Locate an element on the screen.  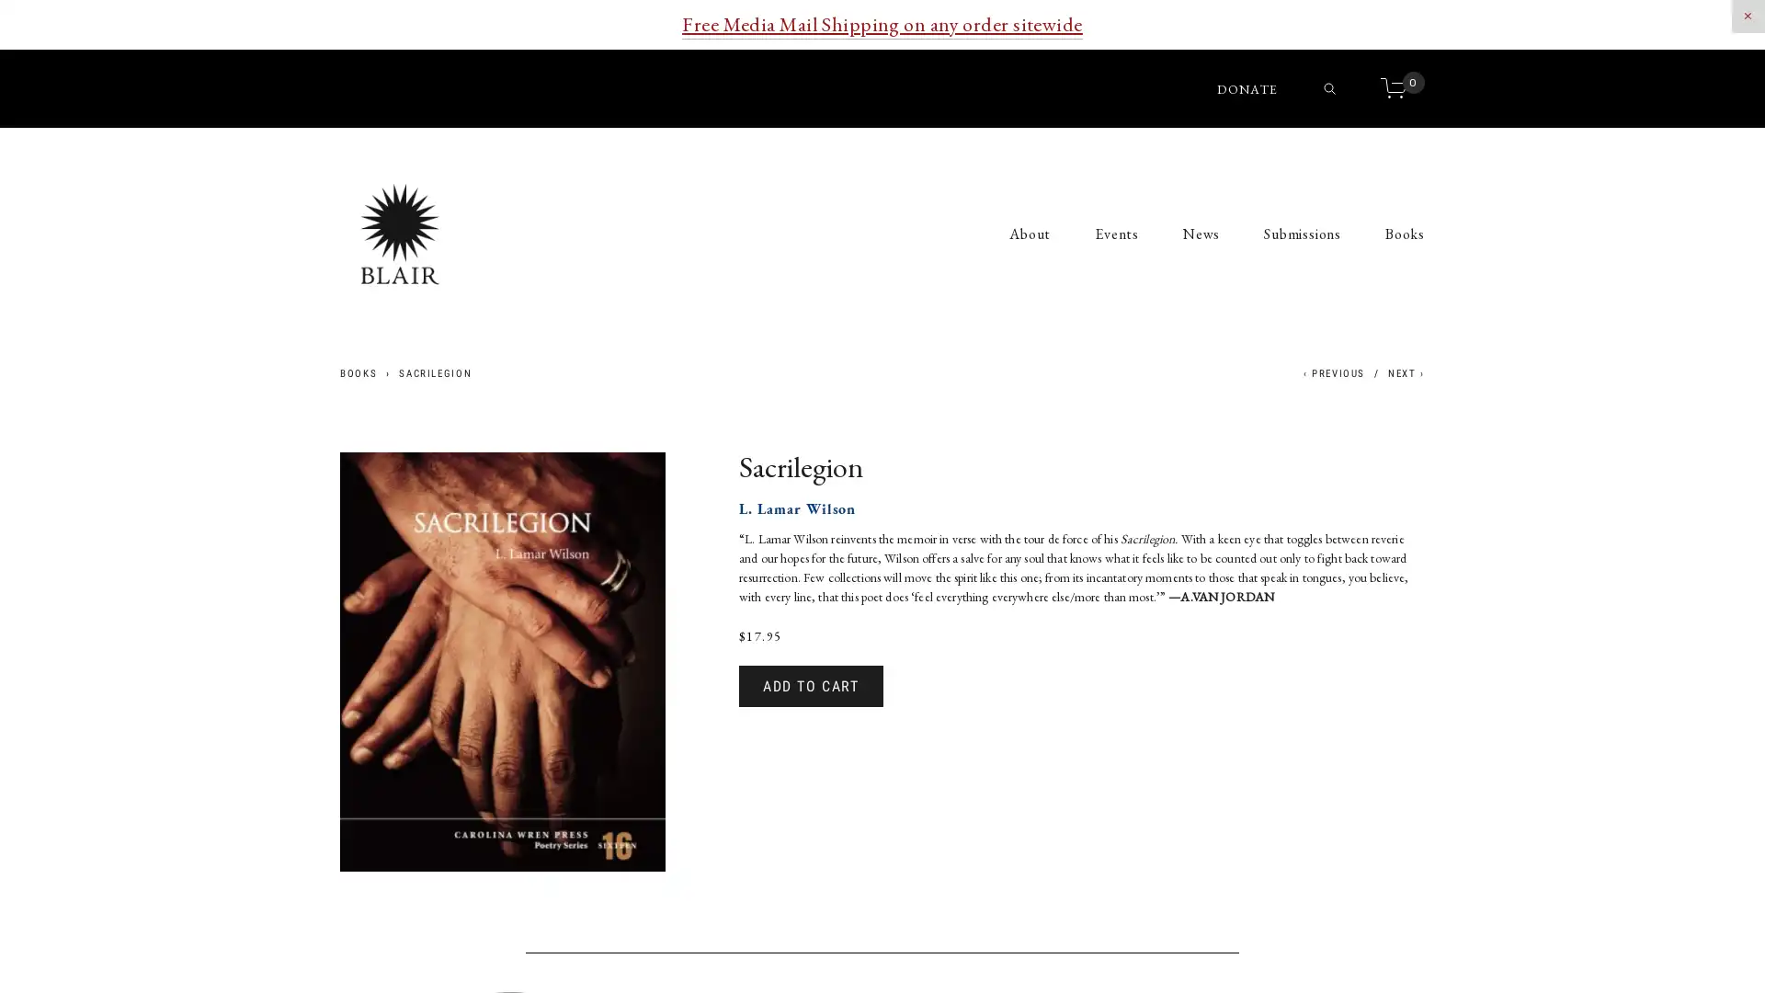
Sign me up! is located at coordinates (882, 541).